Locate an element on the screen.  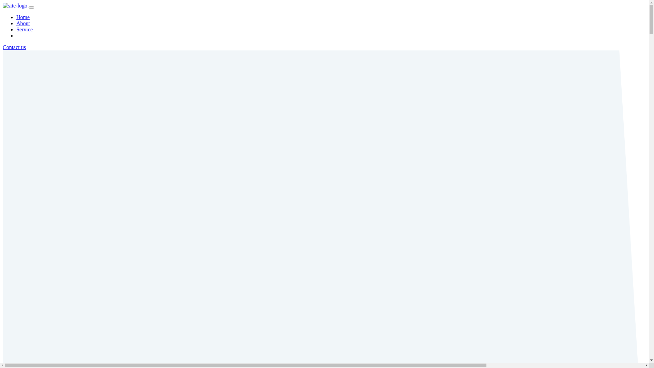
'Service' is located at coordinates (16, 29).